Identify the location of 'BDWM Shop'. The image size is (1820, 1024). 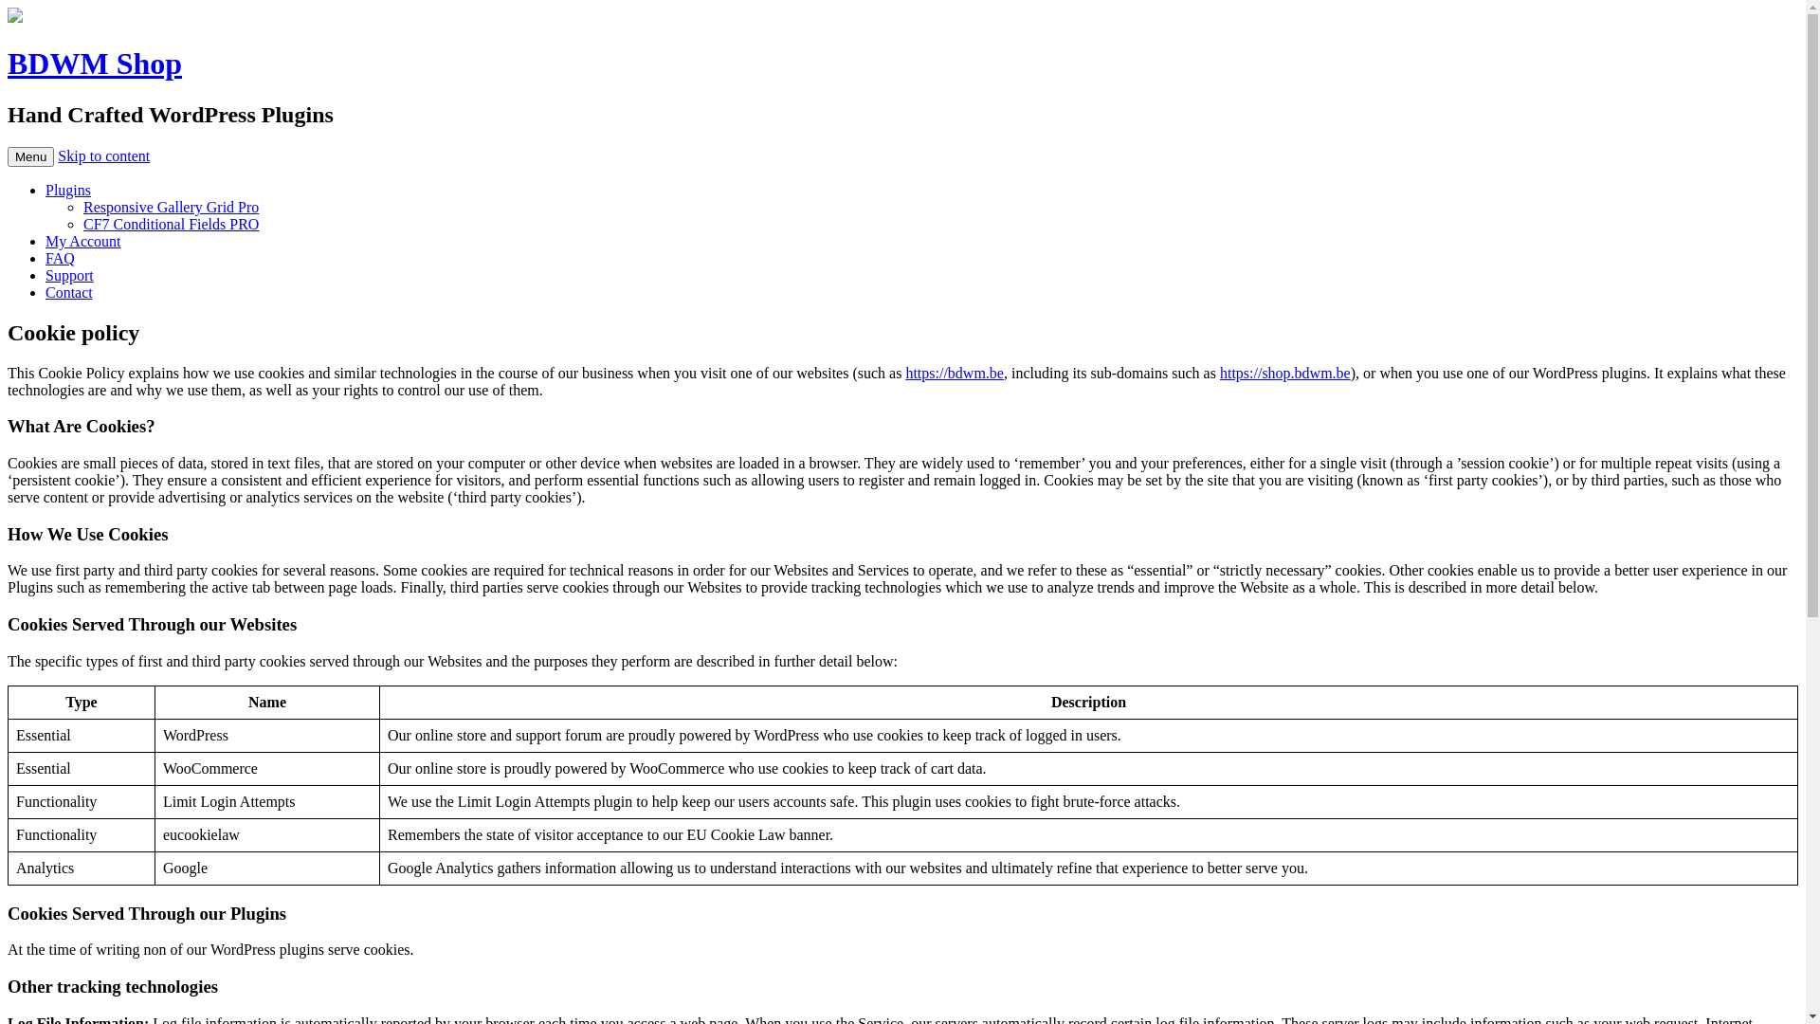
(8, 62).